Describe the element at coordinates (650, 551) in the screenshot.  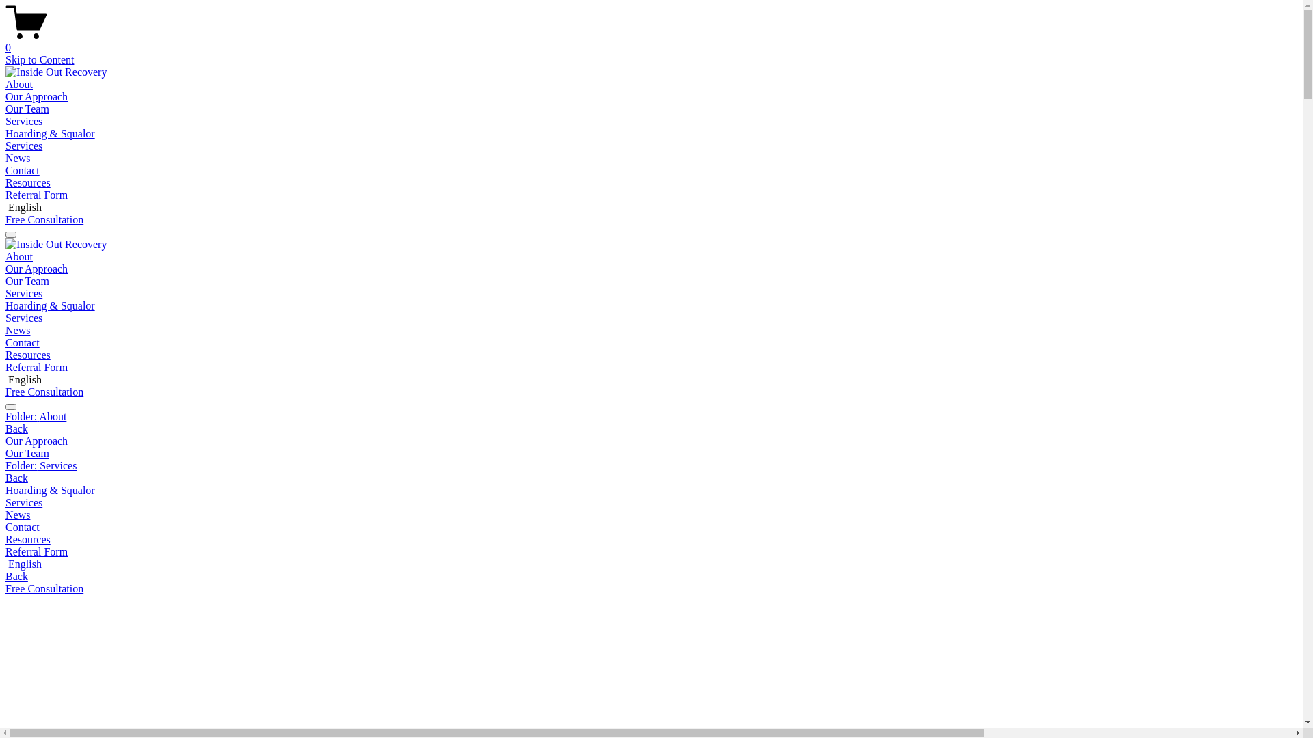
I see `'Referral Form'` at that location.